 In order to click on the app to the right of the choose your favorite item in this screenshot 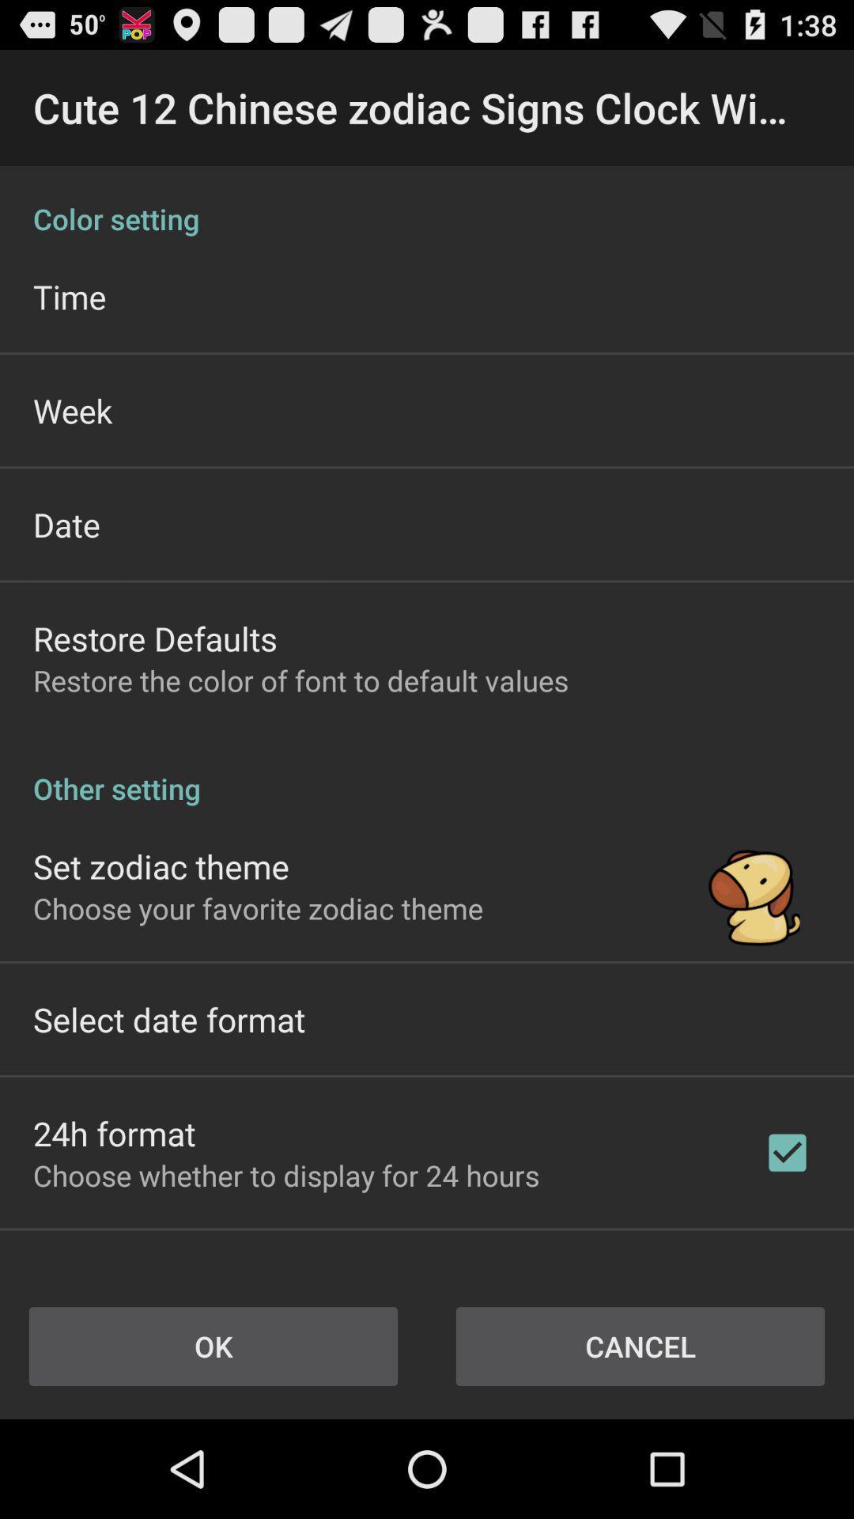, I will do `click(754, 885)`.